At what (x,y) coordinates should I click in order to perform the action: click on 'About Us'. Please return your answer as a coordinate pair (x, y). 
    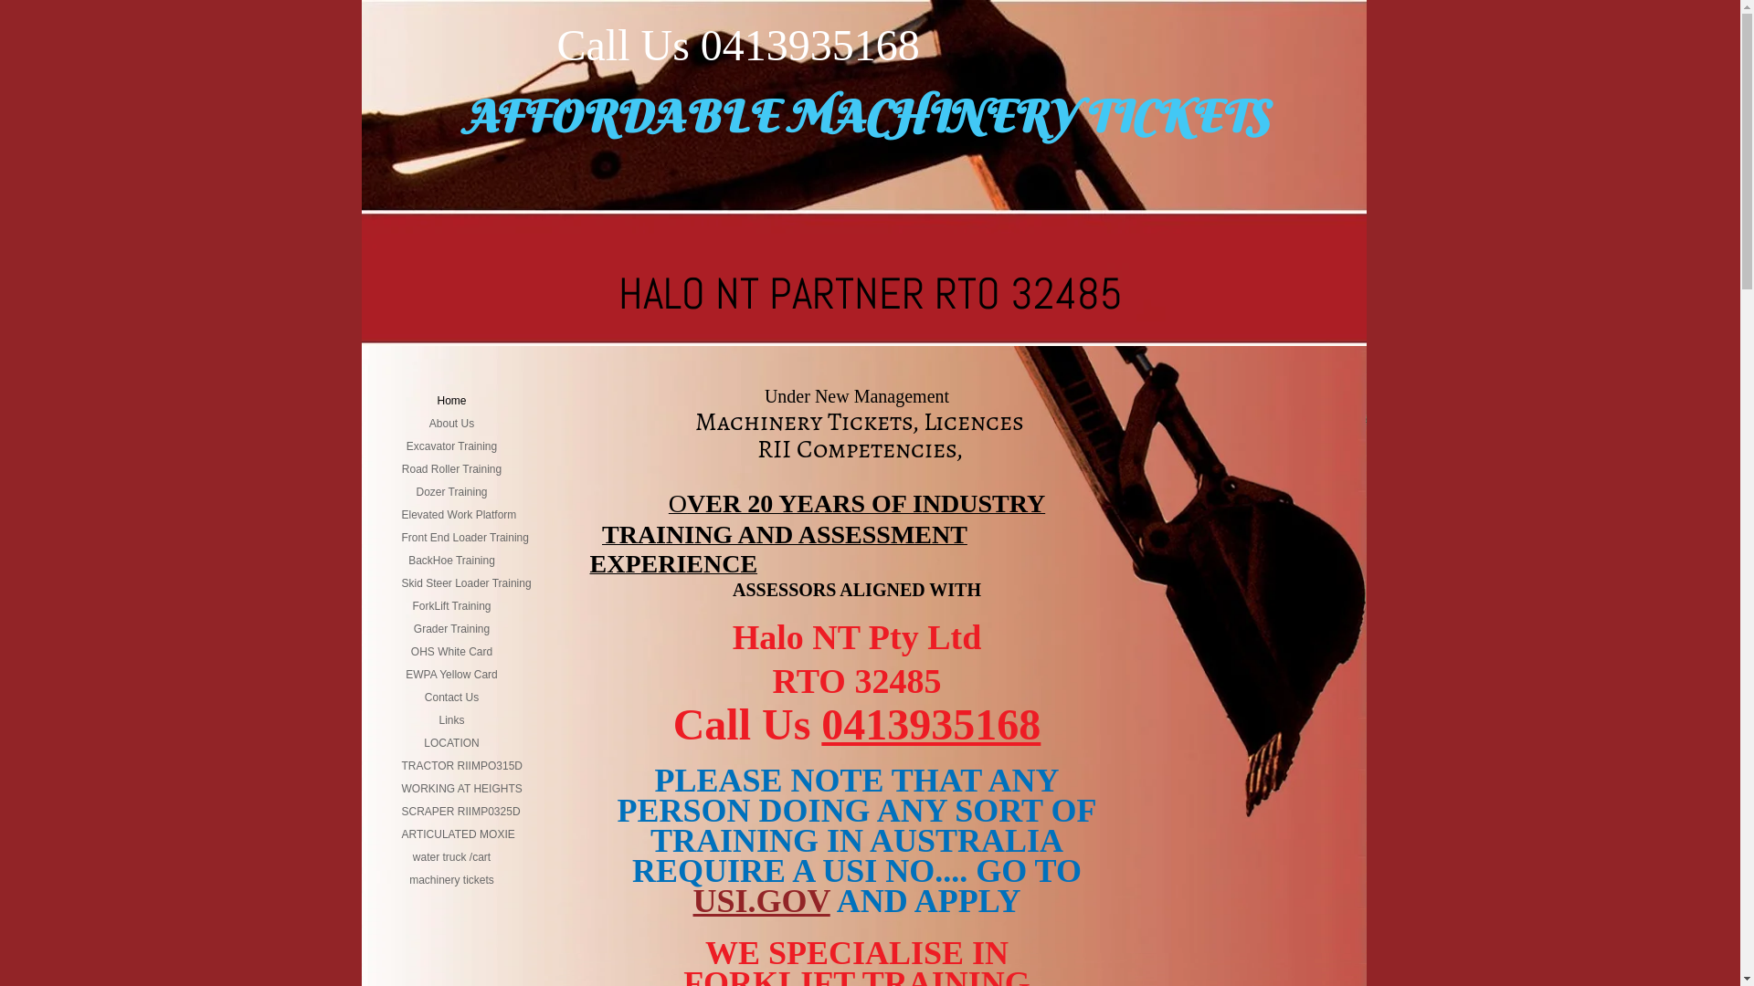
    Looking at the image, I should click on (451, 423).